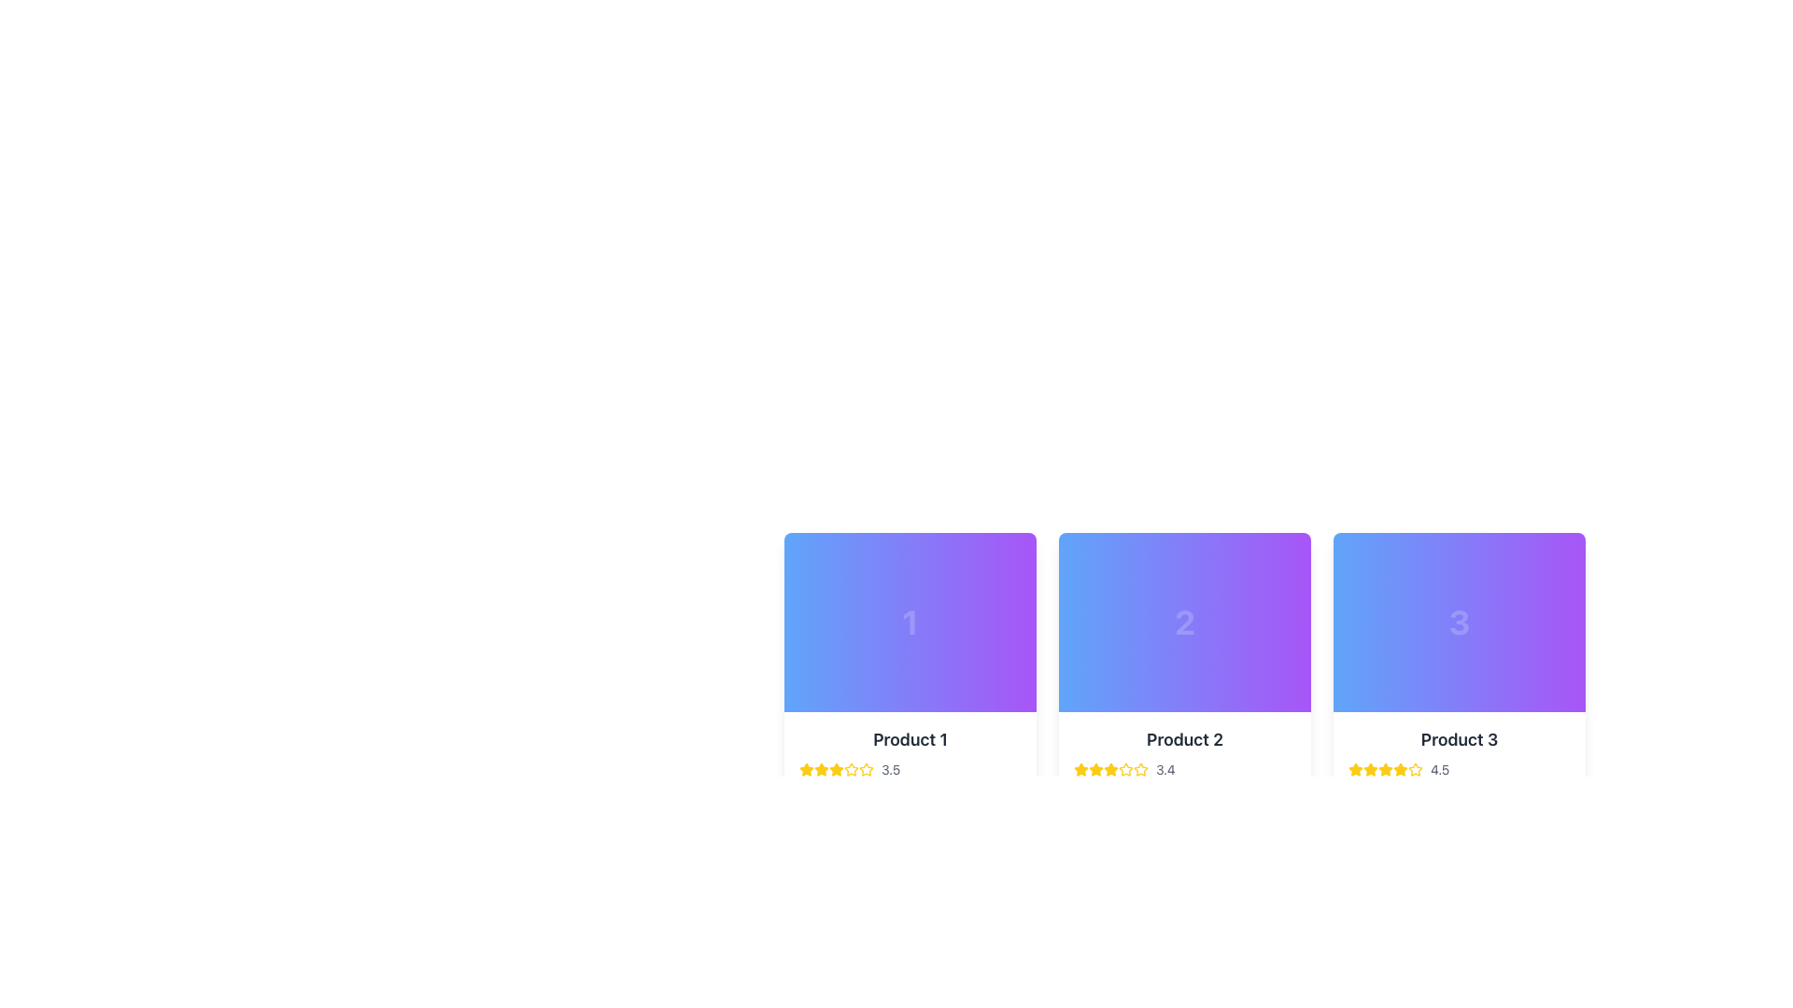 Image resolution: width=1793 pixels, height=1008 pixels. I want to click on the large semi-transparent numeral '2' displayed in the center of a blue to purple gradient background, which is located in the second of three gradient rectangles, so click(1183, 623).